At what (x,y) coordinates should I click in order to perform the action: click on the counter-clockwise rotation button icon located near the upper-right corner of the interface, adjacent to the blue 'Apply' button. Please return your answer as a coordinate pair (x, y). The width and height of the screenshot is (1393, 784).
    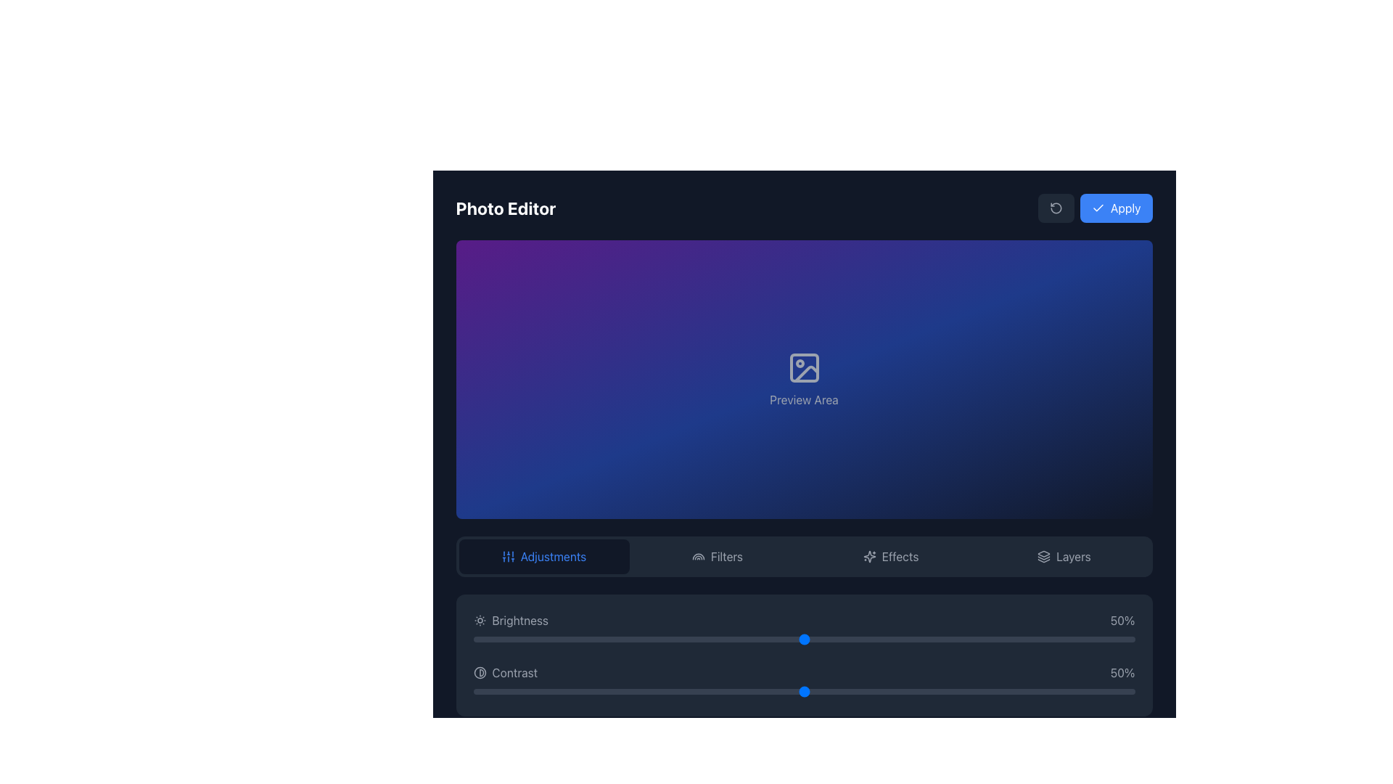
    Looking at the image, I should click on (1056, 208).